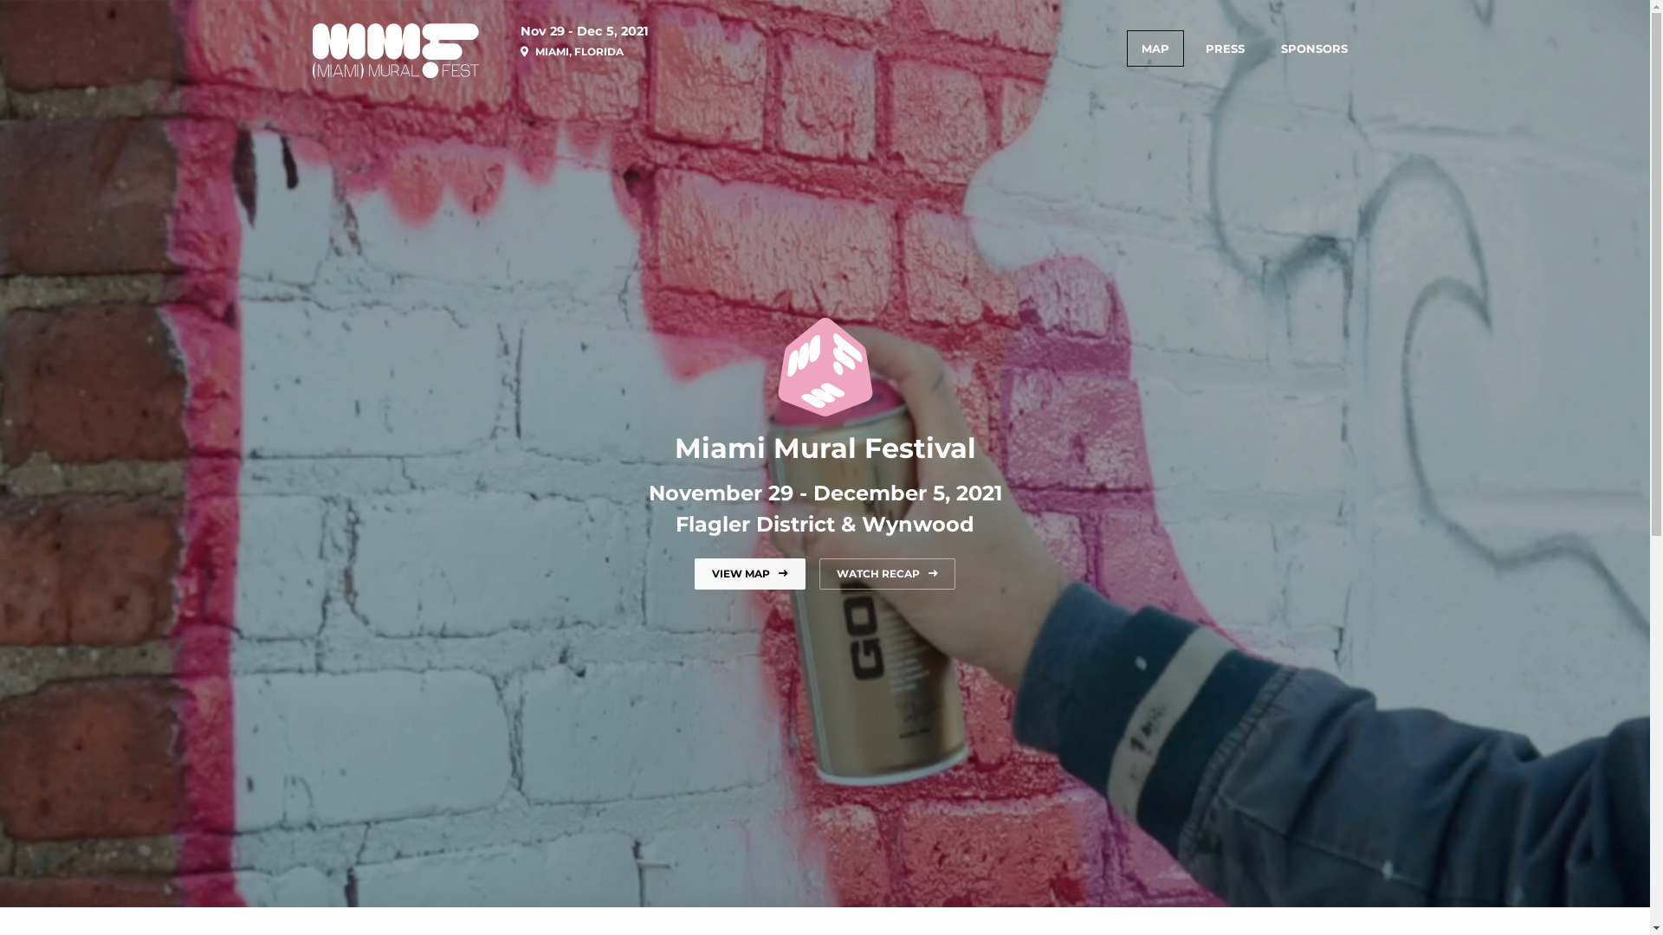  Describe the element at coordinates (887, 574) in the screenshot. I see `'WATCH RECAP'` at that location.